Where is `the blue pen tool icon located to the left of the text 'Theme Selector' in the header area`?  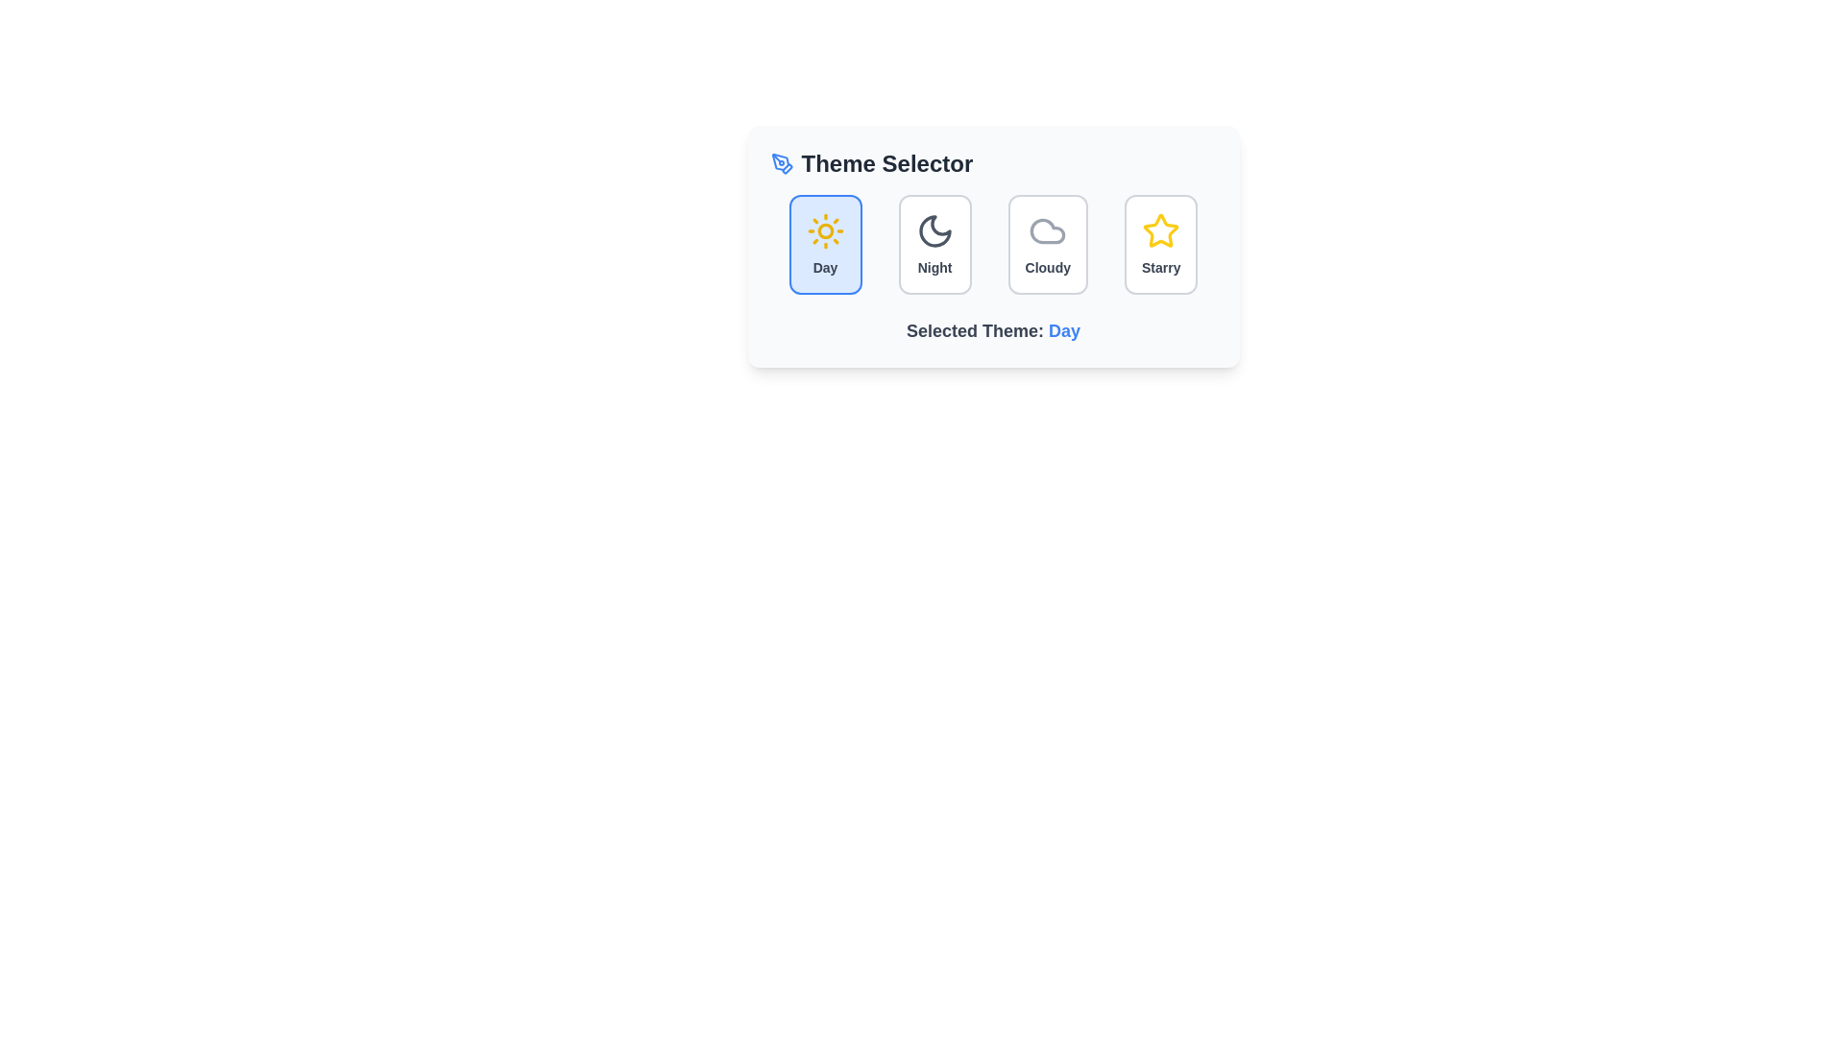
the blue pen tool icon located to the left of the text 'Theme Selector' in the header area is located at coordinates (782, 162).